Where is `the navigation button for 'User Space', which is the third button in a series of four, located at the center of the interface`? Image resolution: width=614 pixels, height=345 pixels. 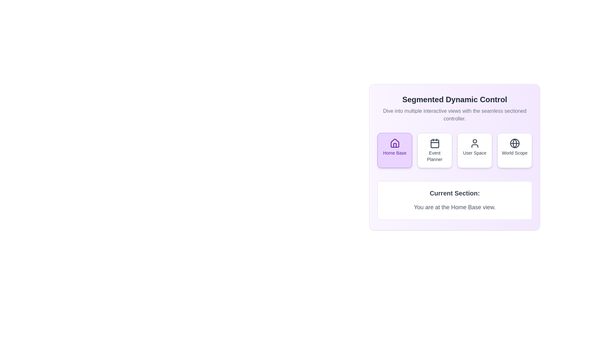
the navigation button for 'User Space', which is the third button in a series of four, located at the center of the interface is located at coordinates (475, 150).